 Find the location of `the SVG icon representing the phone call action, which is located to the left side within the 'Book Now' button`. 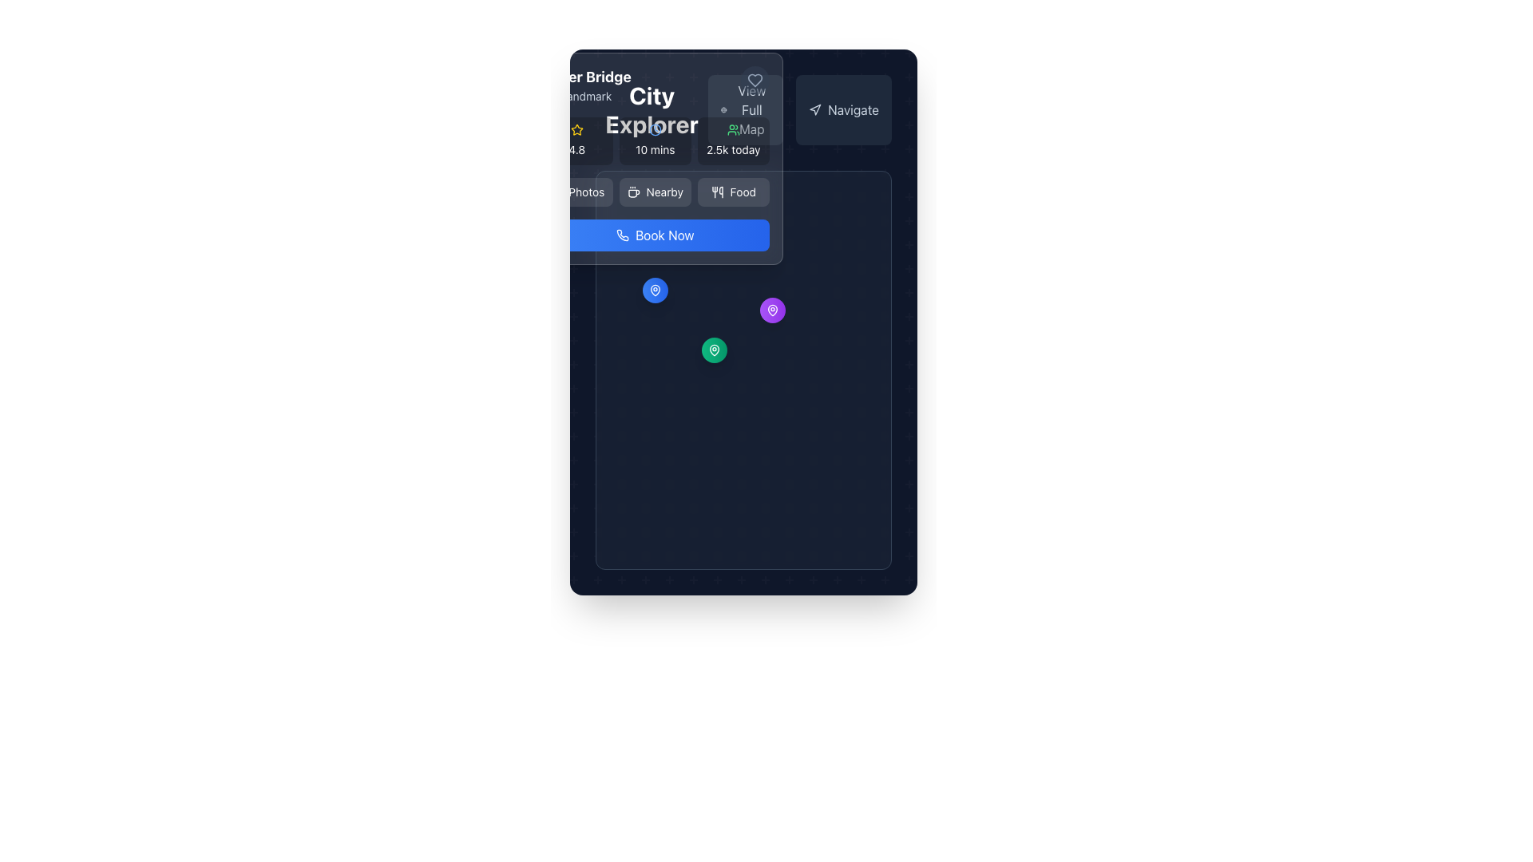

the SVG icon representing the phone call action, which is located to the left side within the 'Book Now' button is located at coordinates (622, 235).